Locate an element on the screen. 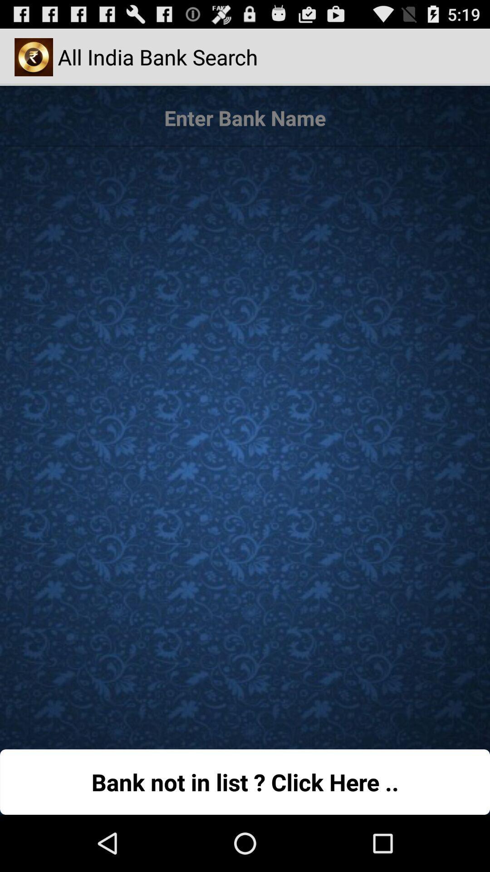 This screenshot has height=872, width=490. input bank name is located at coordinates (245, 118).